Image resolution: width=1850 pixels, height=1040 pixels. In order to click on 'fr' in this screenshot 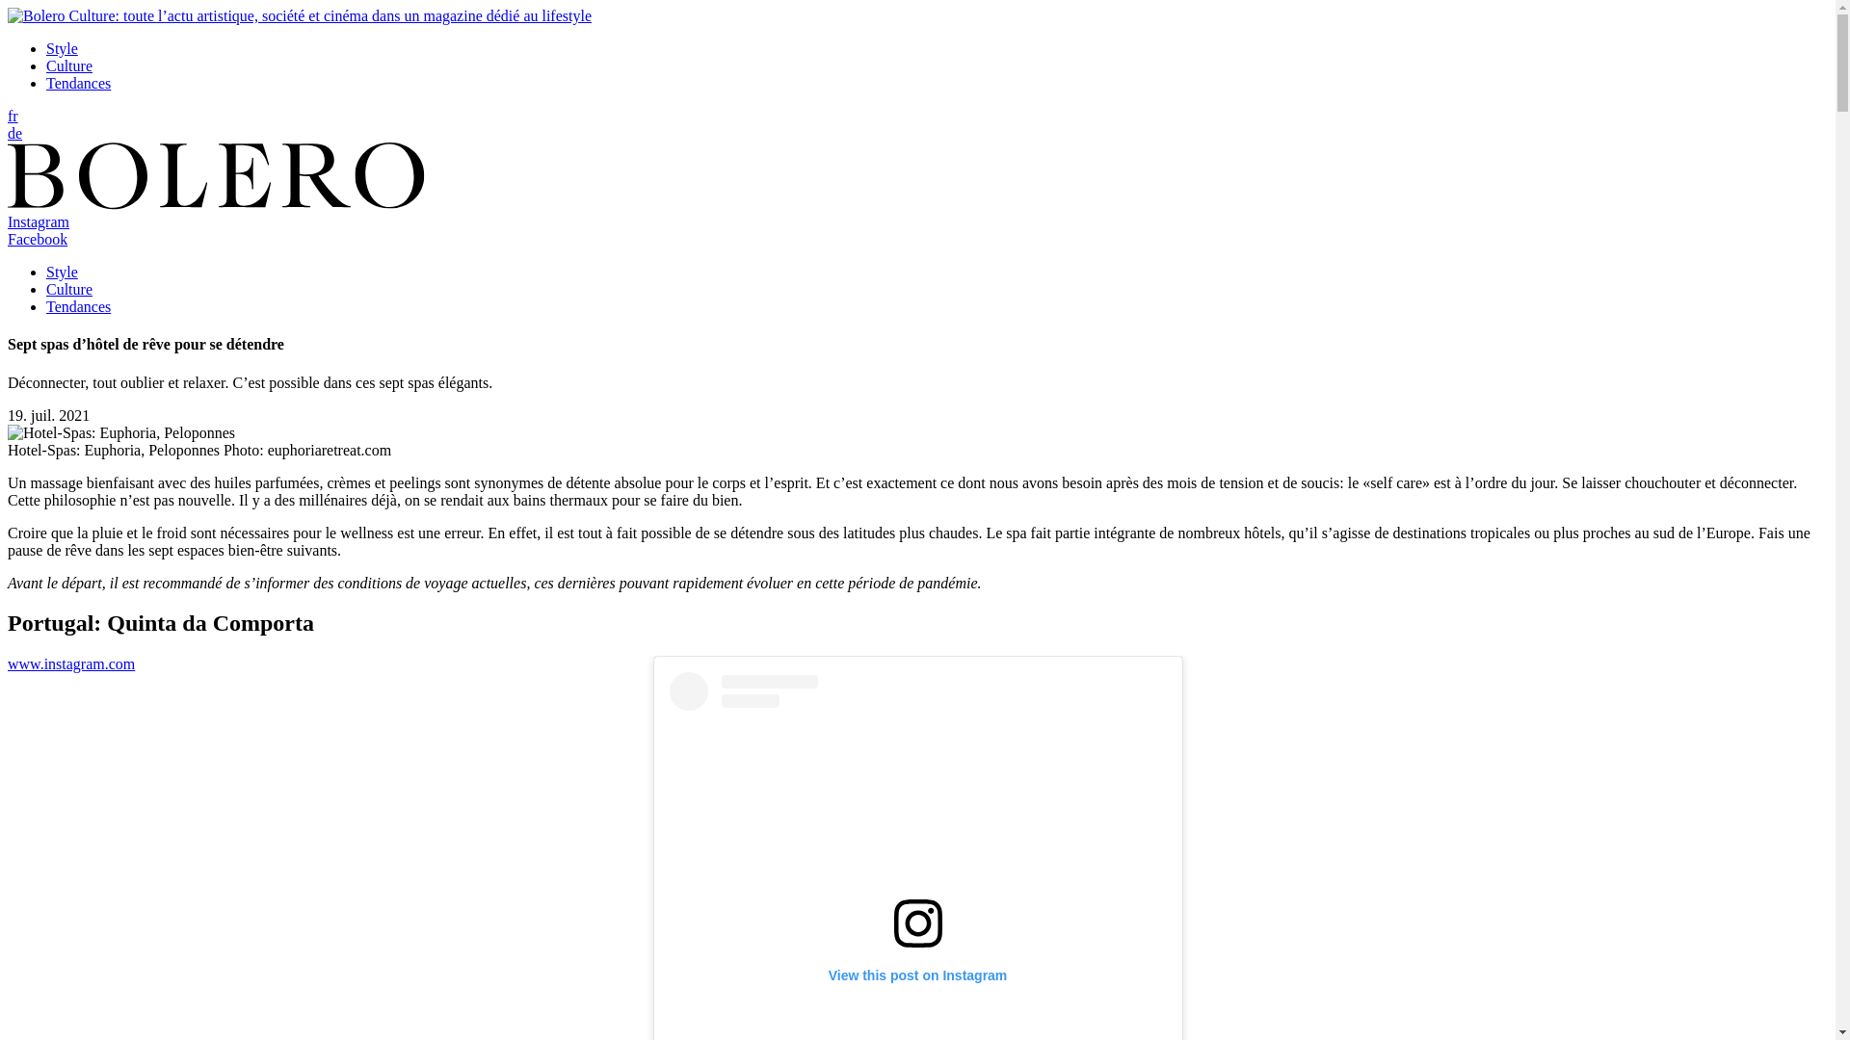, I will do `click(13, 116)`.